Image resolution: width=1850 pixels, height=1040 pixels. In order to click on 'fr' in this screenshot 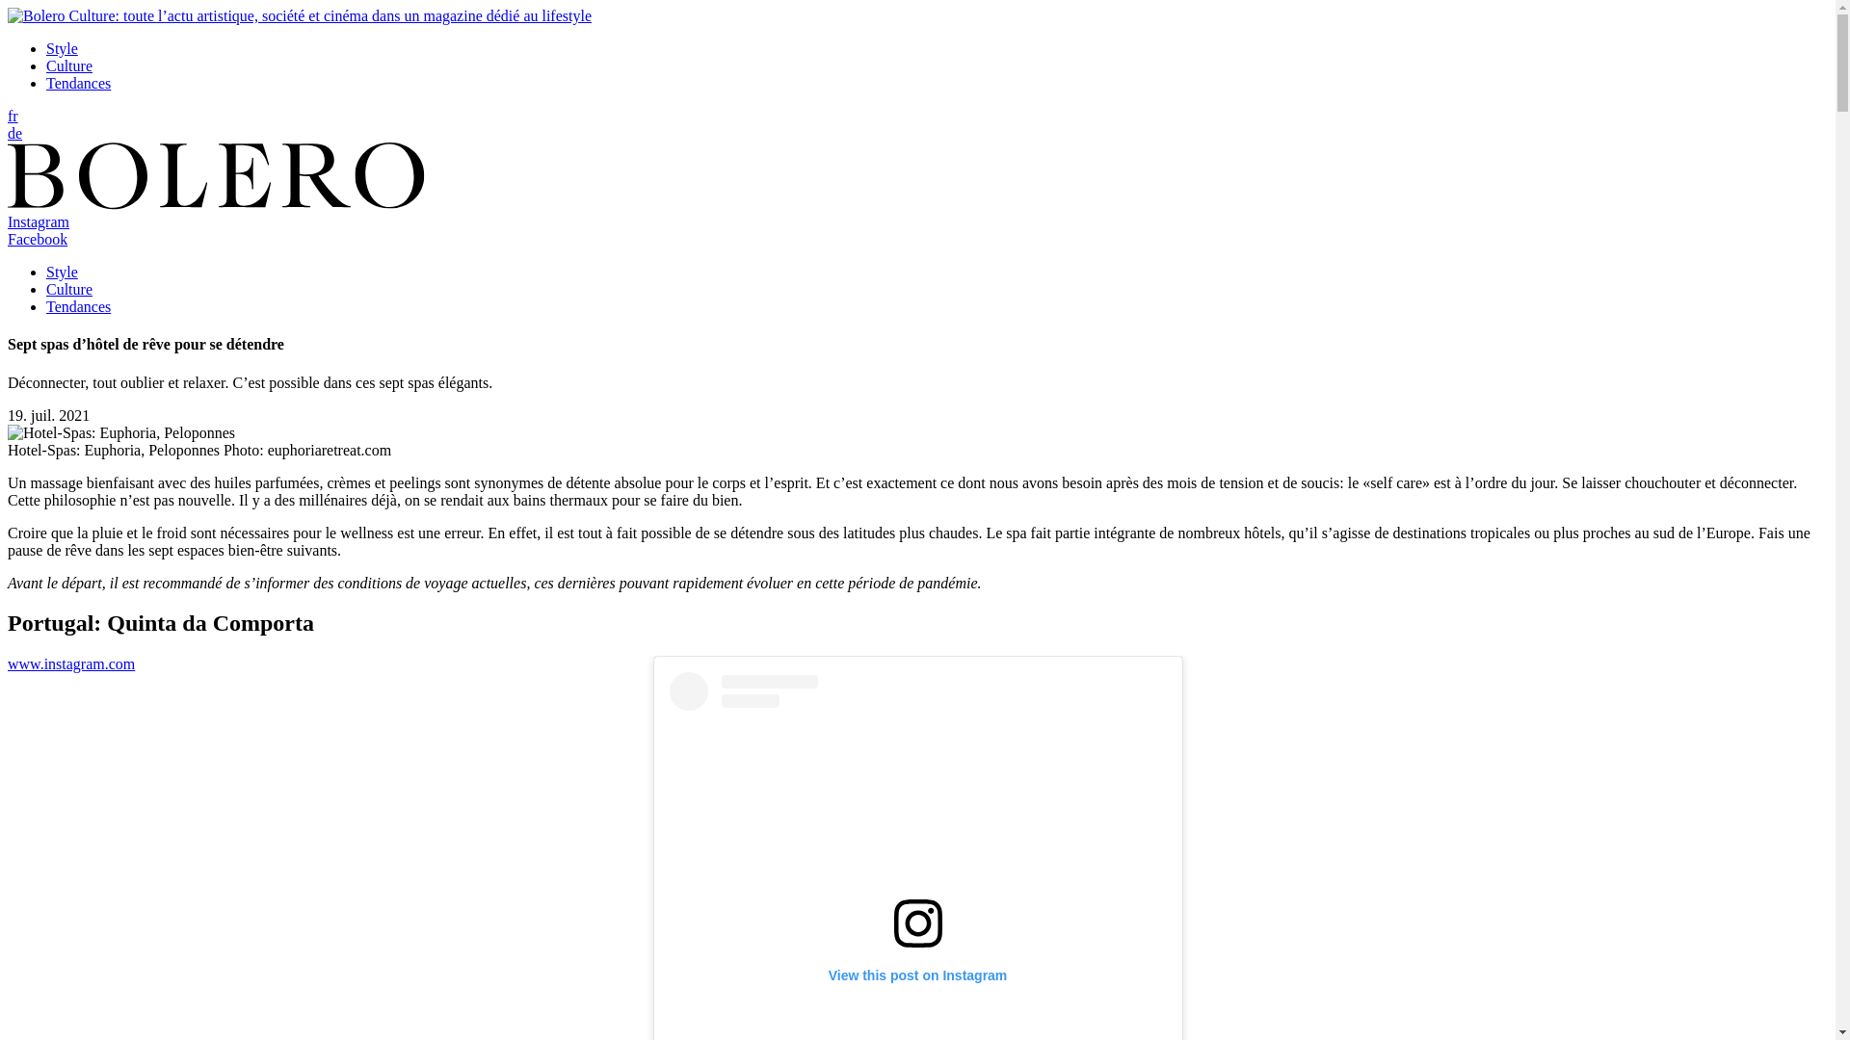, I will do `click(13, 116)`.